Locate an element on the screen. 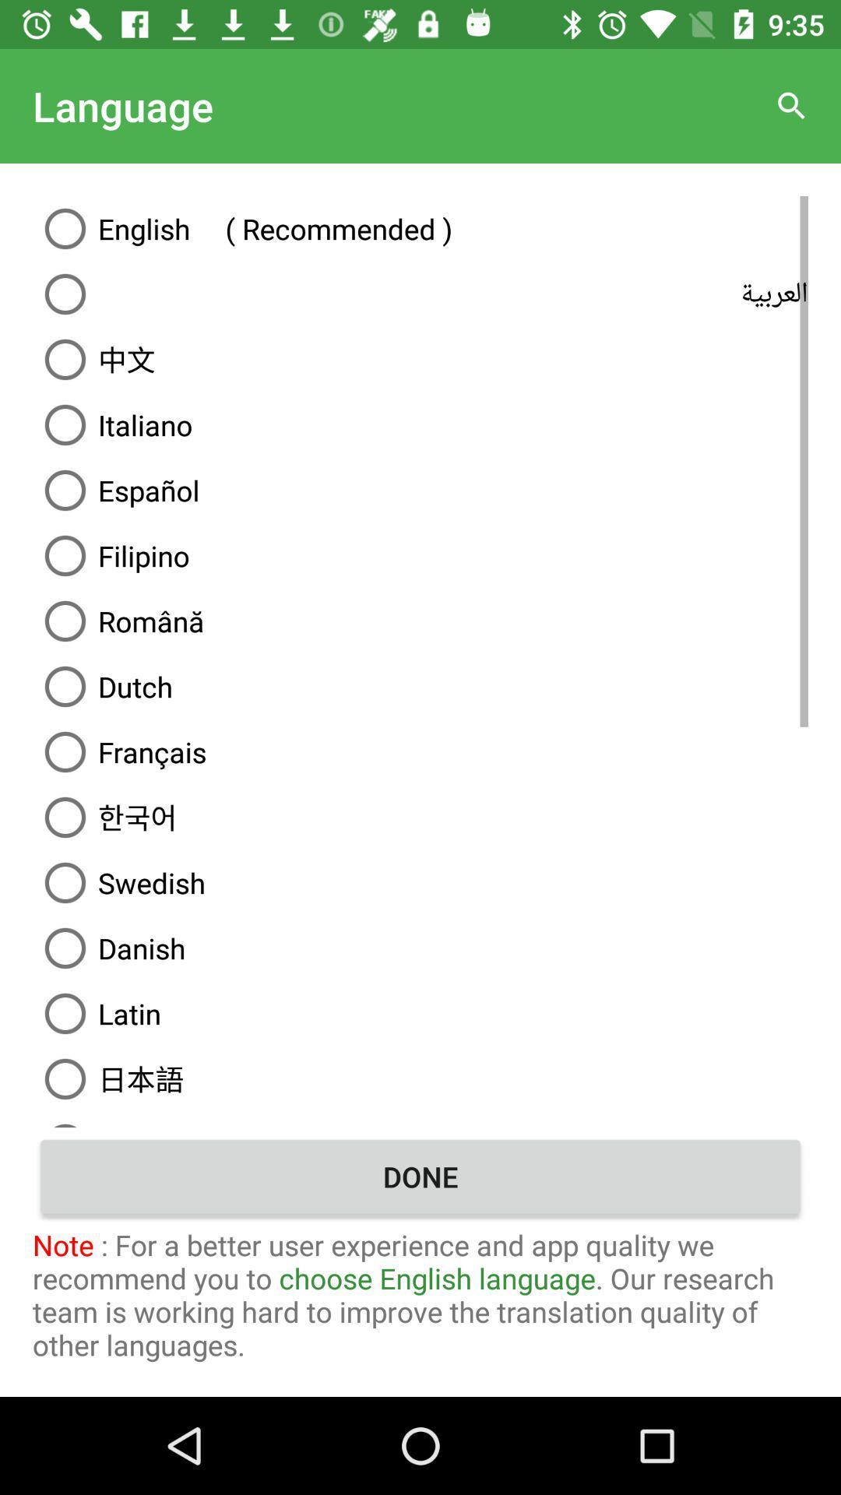 This screenshot has width=841, height=1495. the english     ( recommended ) icon is located at coordinates (420, 227).